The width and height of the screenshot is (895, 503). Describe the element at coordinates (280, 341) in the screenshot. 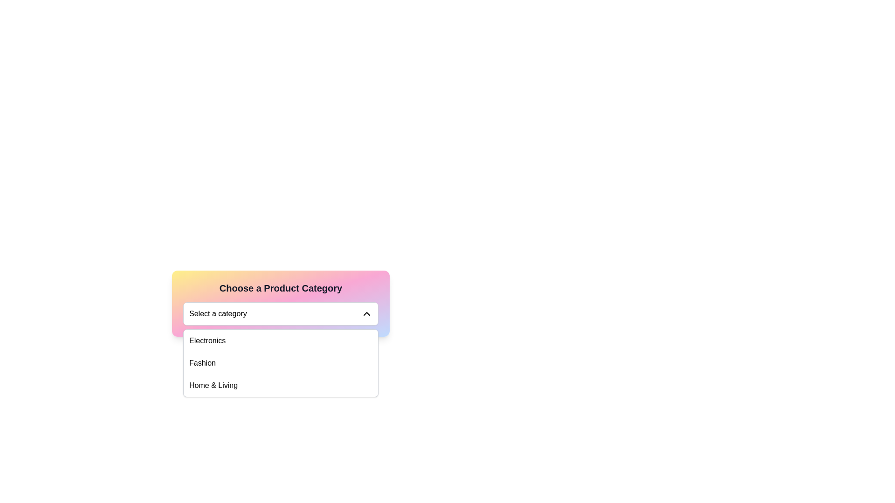

I see `the 'Electronics' dropdown menu item, which is the first entry in the dropdown menu below the 'Select a category' field` at that location.